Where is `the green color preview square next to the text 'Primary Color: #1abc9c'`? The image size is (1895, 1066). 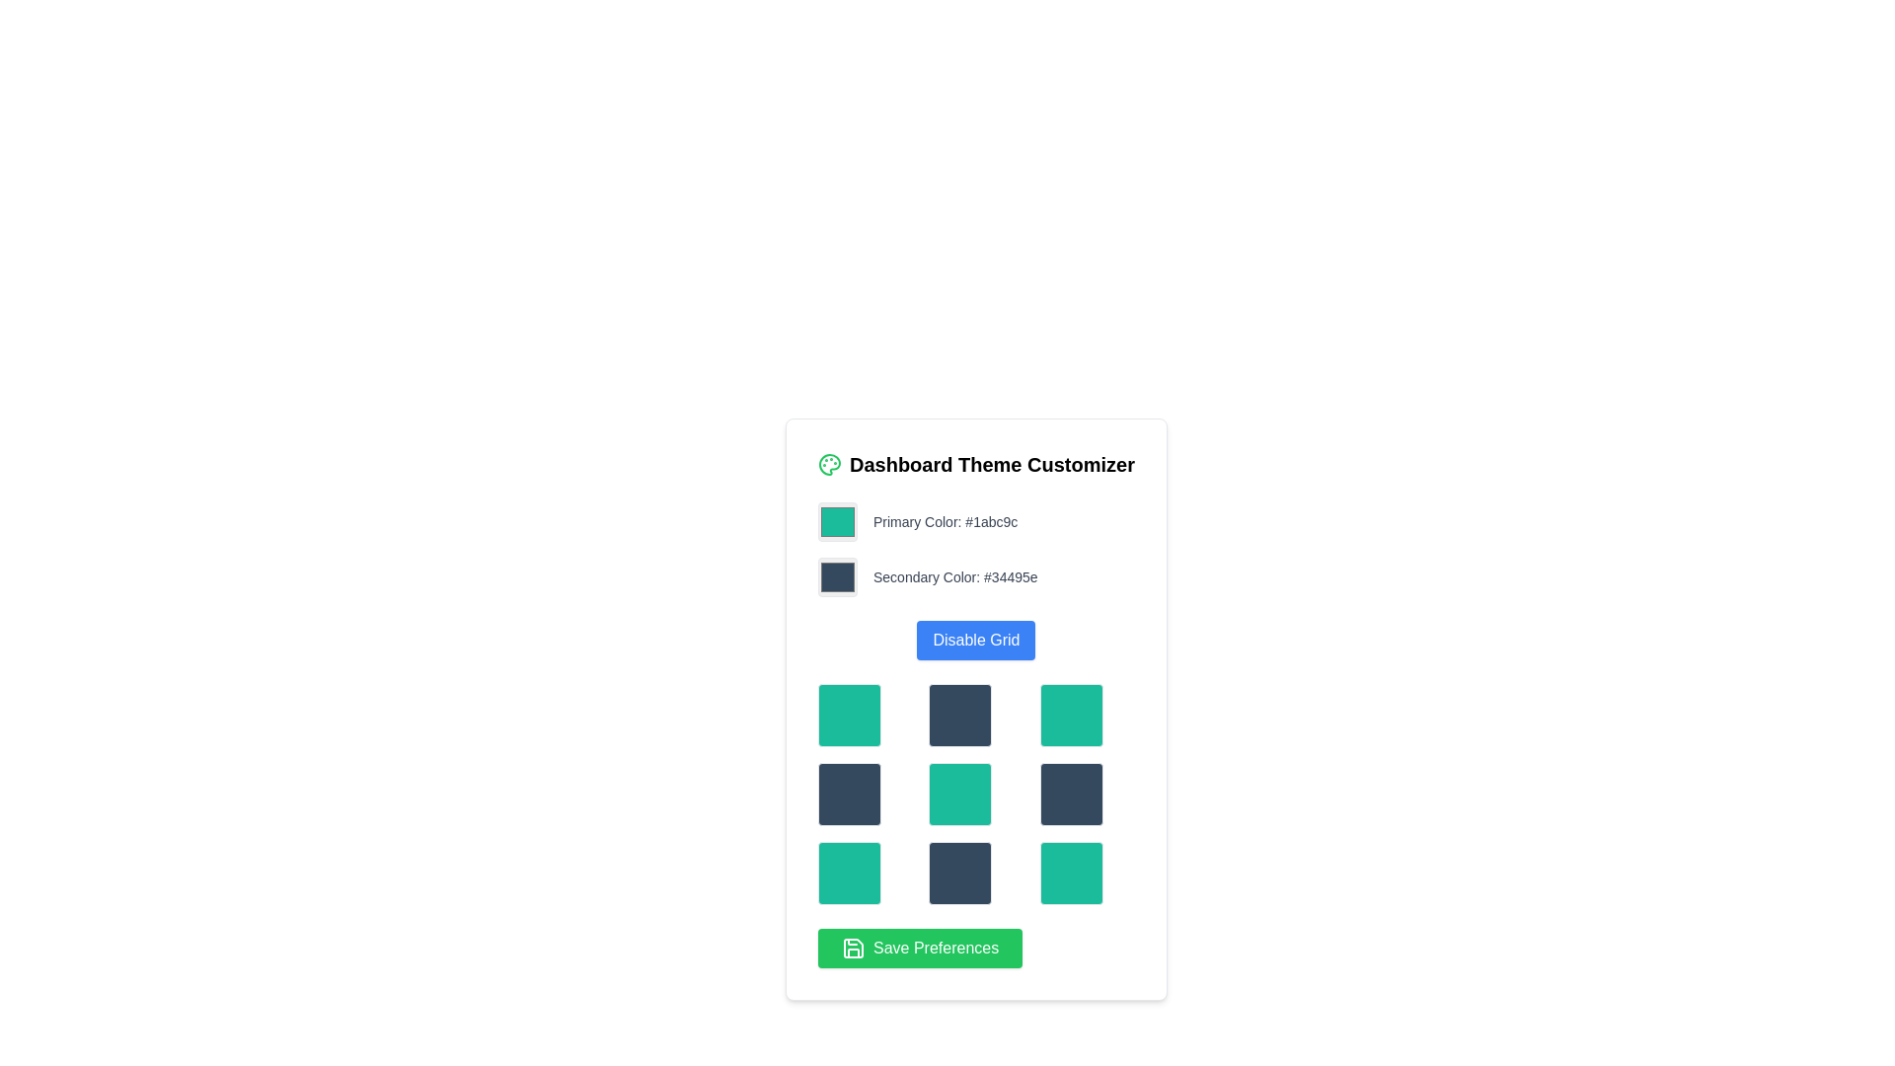
the green color preview square next to the text 'Primary Color: #1abc9c' is located at coordinates (976, 520).